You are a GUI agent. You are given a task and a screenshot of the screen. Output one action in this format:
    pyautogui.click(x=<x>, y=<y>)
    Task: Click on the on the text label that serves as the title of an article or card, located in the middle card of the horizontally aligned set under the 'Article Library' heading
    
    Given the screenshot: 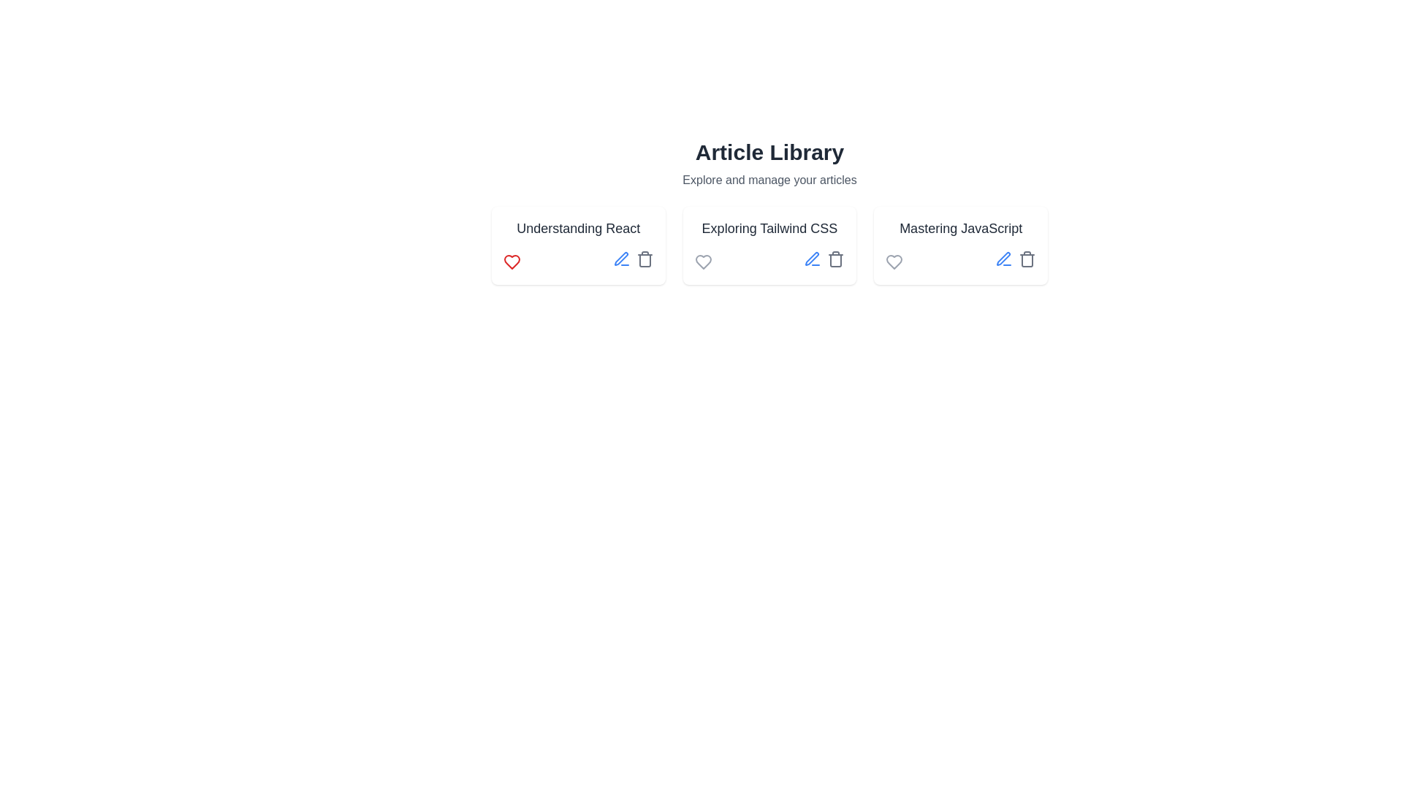 What is the action you would take?
    pyautogui.click(x=769, y=228)
    